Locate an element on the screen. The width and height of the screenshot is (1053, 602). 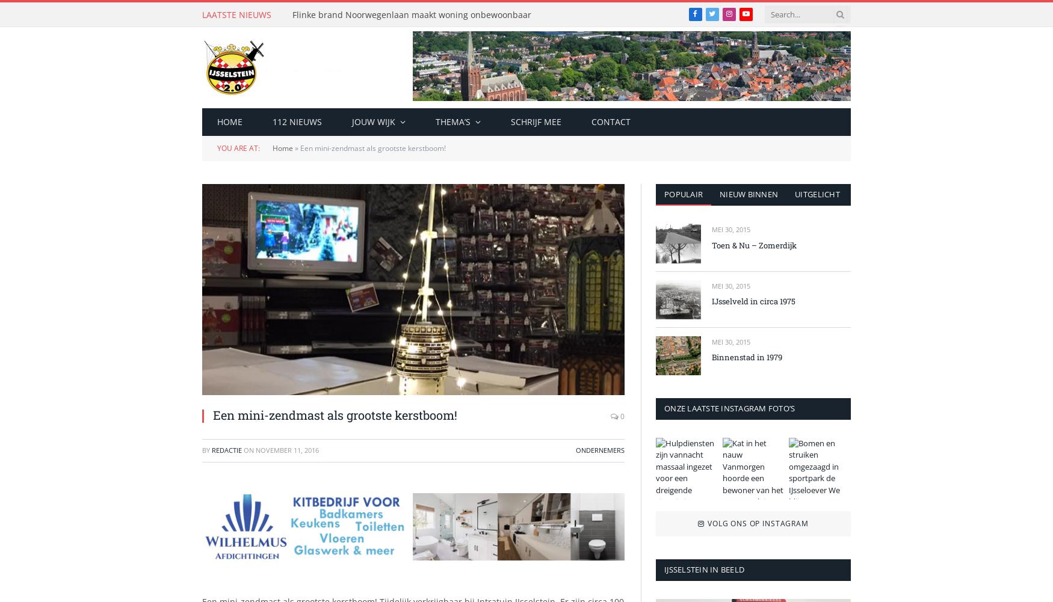
'By' is located at coordinates (207, 450).